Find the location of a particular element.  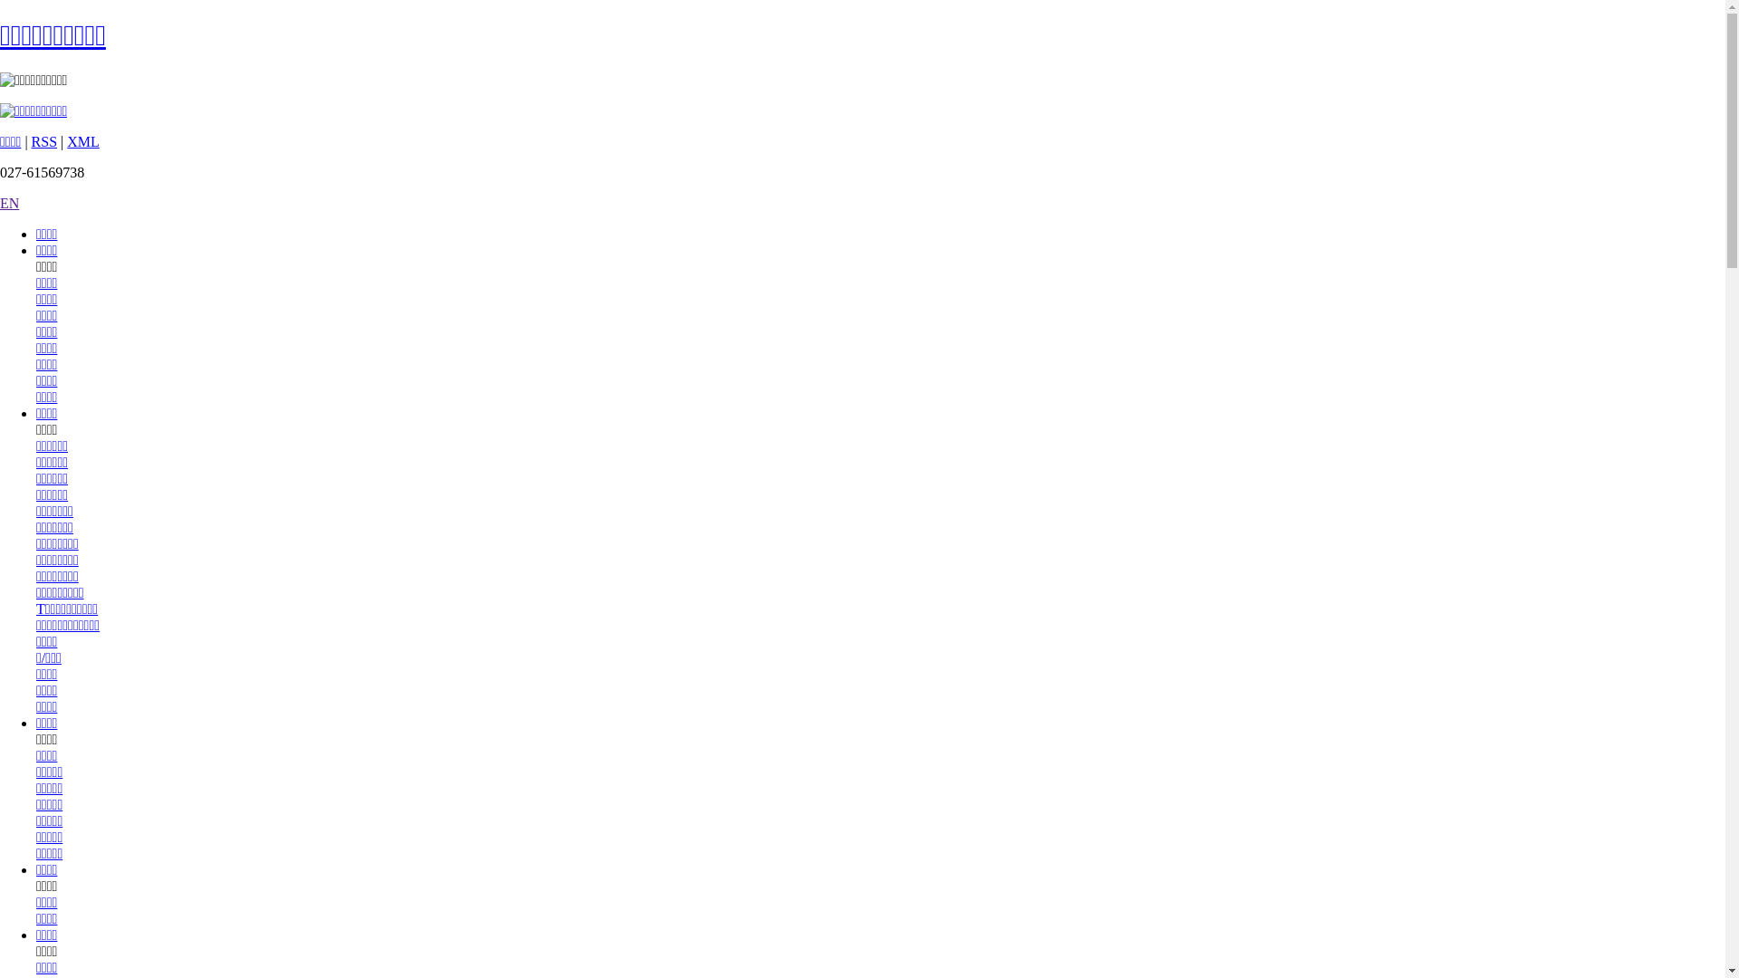

'XML' is located at coordinates (82, 140).